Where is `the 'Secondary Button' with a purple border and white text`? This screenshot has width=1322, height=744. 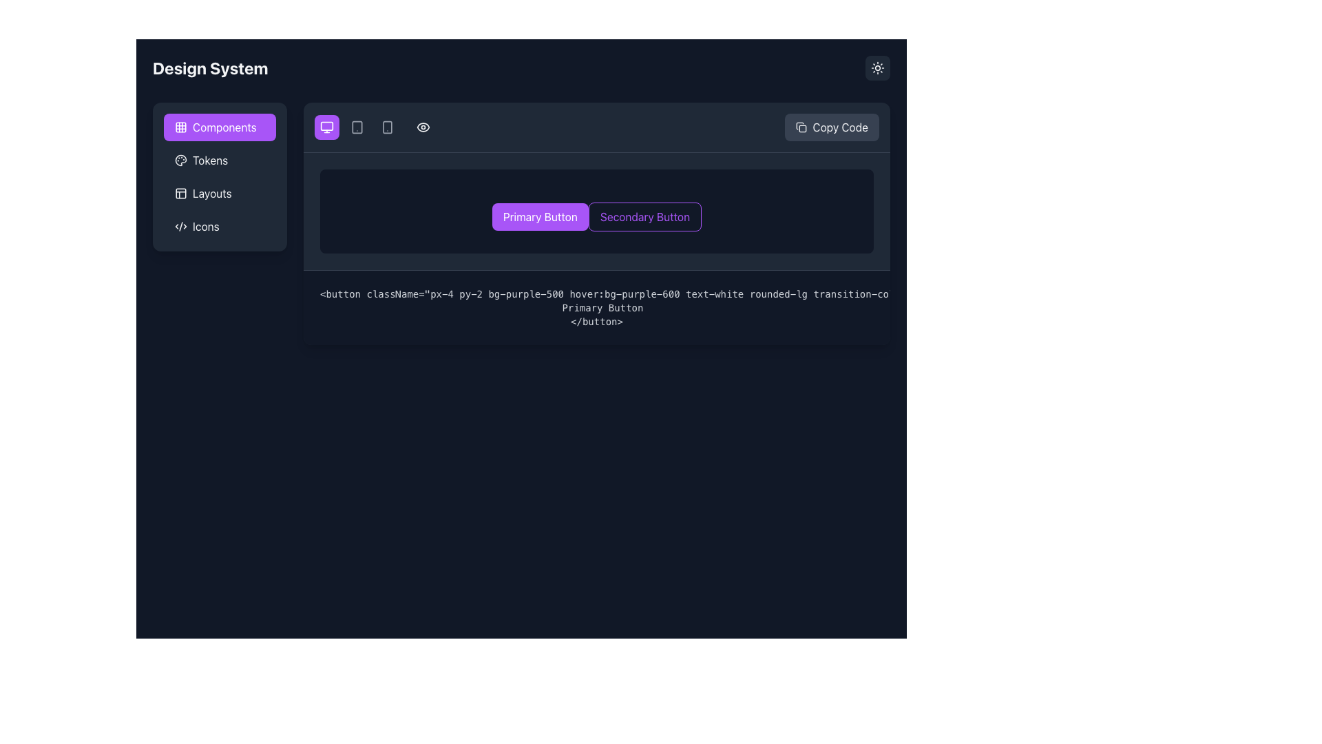
the 'Secondary Button' with a purple border and white text is located at coordinates (597, 211).